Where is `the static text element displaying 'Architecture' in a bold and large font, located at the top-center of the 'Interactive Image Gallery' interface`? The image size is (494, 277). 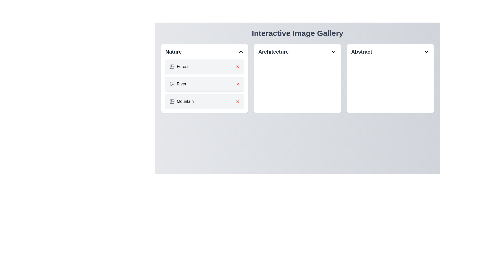
the static text element displaying 'Architecture' in a bold and large font, located at the top-center of the 'Interactive Image Gallery' interface is located at coordinates (273, 52).